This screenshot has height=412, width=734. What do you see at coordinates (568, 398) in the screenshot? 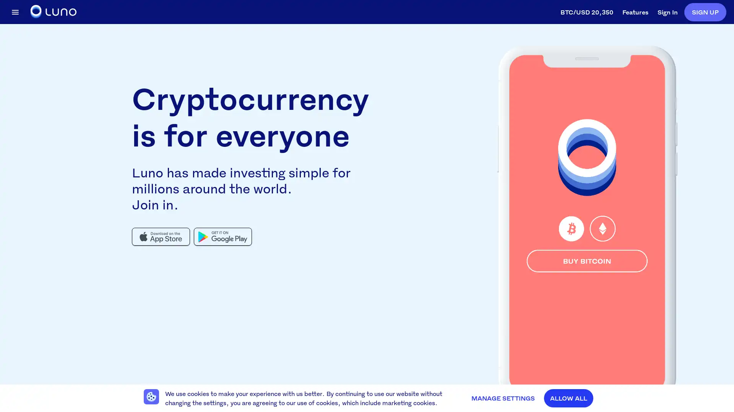
I see `ALLOW ALL` at bounding box center [568, 398].